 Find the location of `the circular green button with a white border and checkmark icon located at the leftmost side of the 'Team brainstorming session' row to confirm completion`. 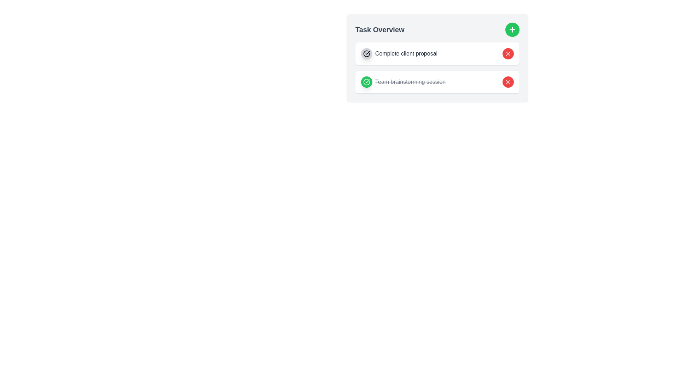

the circular green button with a white border and checkmark icon located at the leftmost side of the 'Team brainstorming session' row to confirm completion is located at coordinates (366, 81).